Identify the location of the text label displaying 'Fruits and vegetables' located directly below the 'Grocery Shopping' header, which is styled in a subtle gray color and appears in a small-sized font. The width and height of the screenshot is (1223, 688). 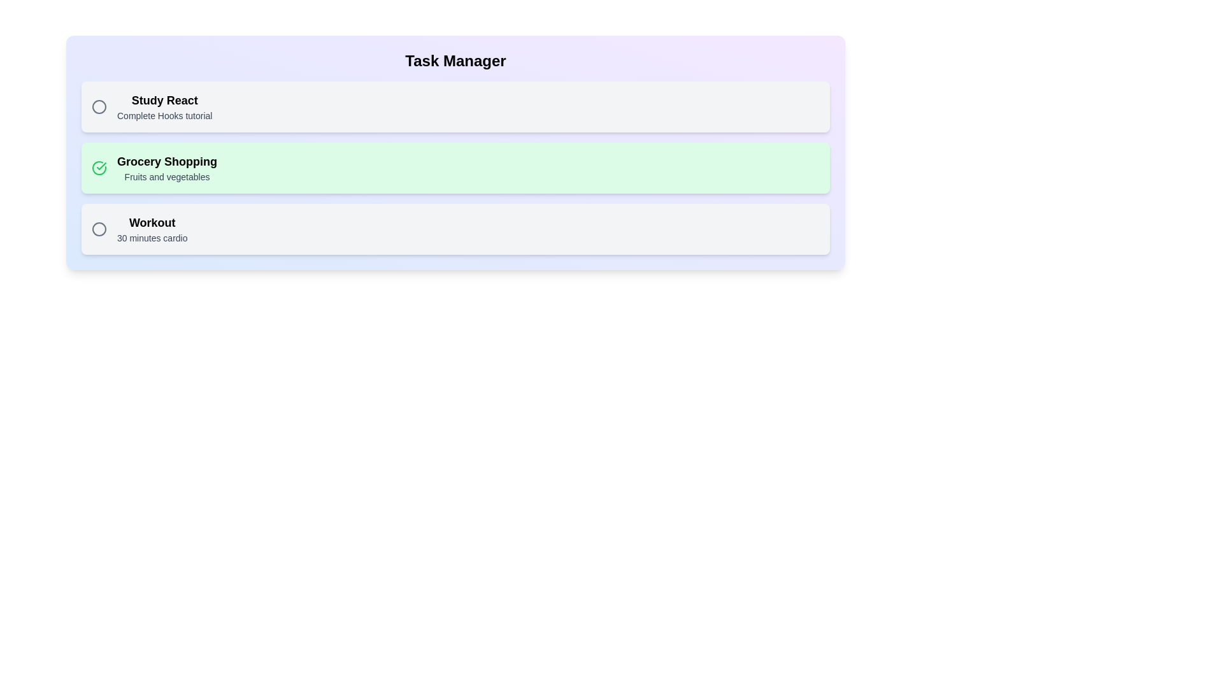
(166, 176).